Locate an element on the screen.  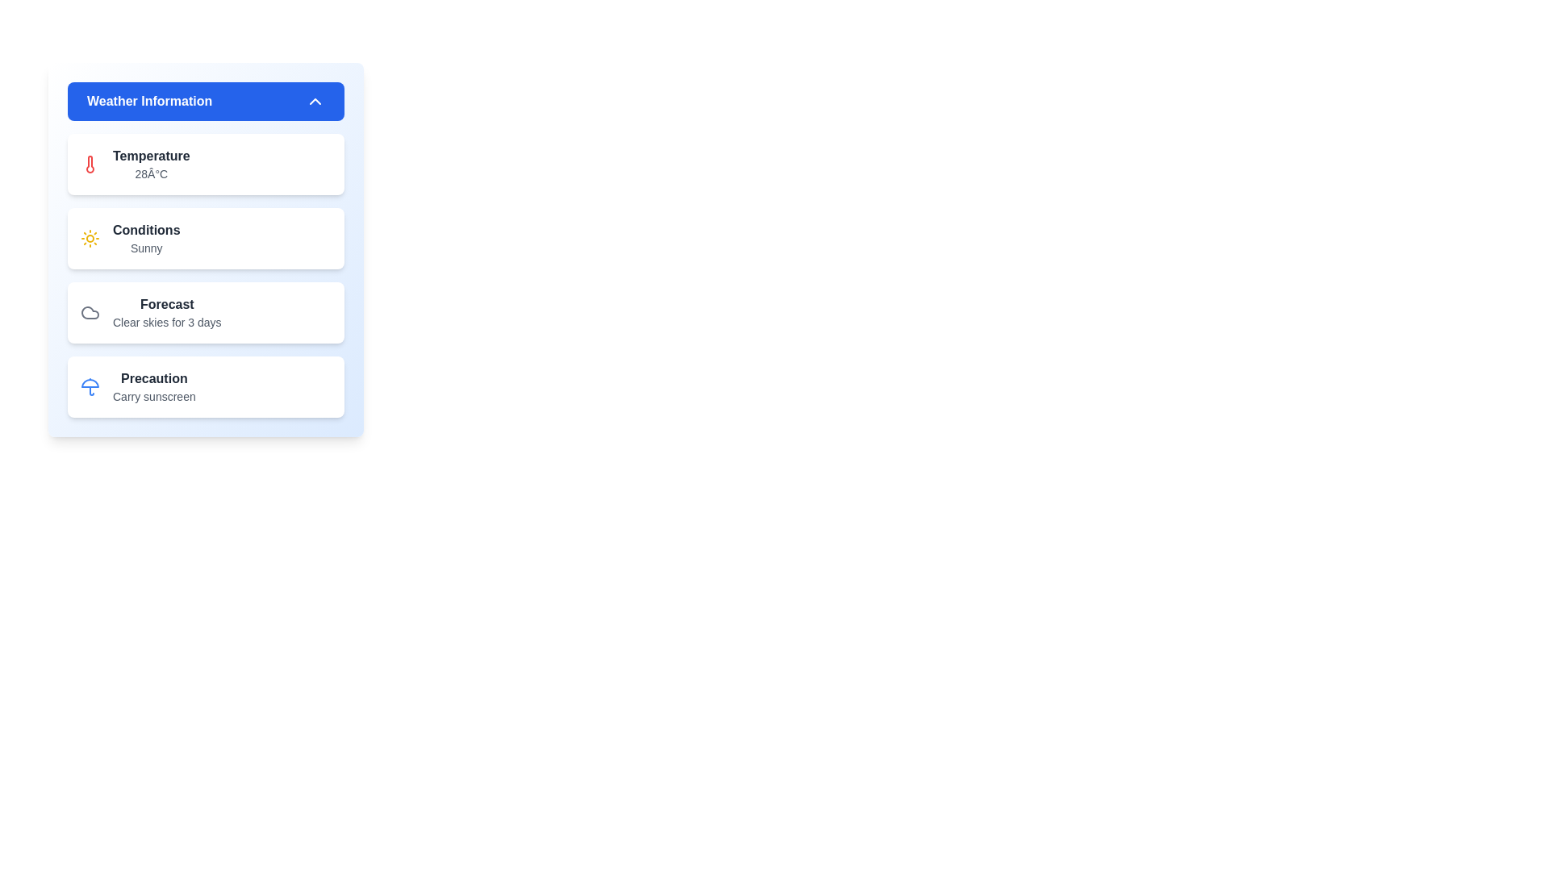
the temperature display text showing '28°C', which is styled in gray and positioned below the 'Temperature' label is located at coordinates (151, 174).